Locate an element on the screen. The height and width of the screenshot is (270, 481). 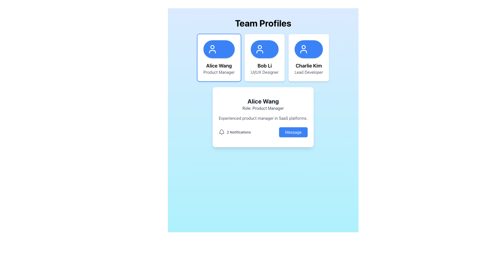
the circular user icon with a white outline on a blue background within the card labeled 'Charlie Kim', located in the third card from the left under 'Team Profiles' is located at coordinates (303, 49).